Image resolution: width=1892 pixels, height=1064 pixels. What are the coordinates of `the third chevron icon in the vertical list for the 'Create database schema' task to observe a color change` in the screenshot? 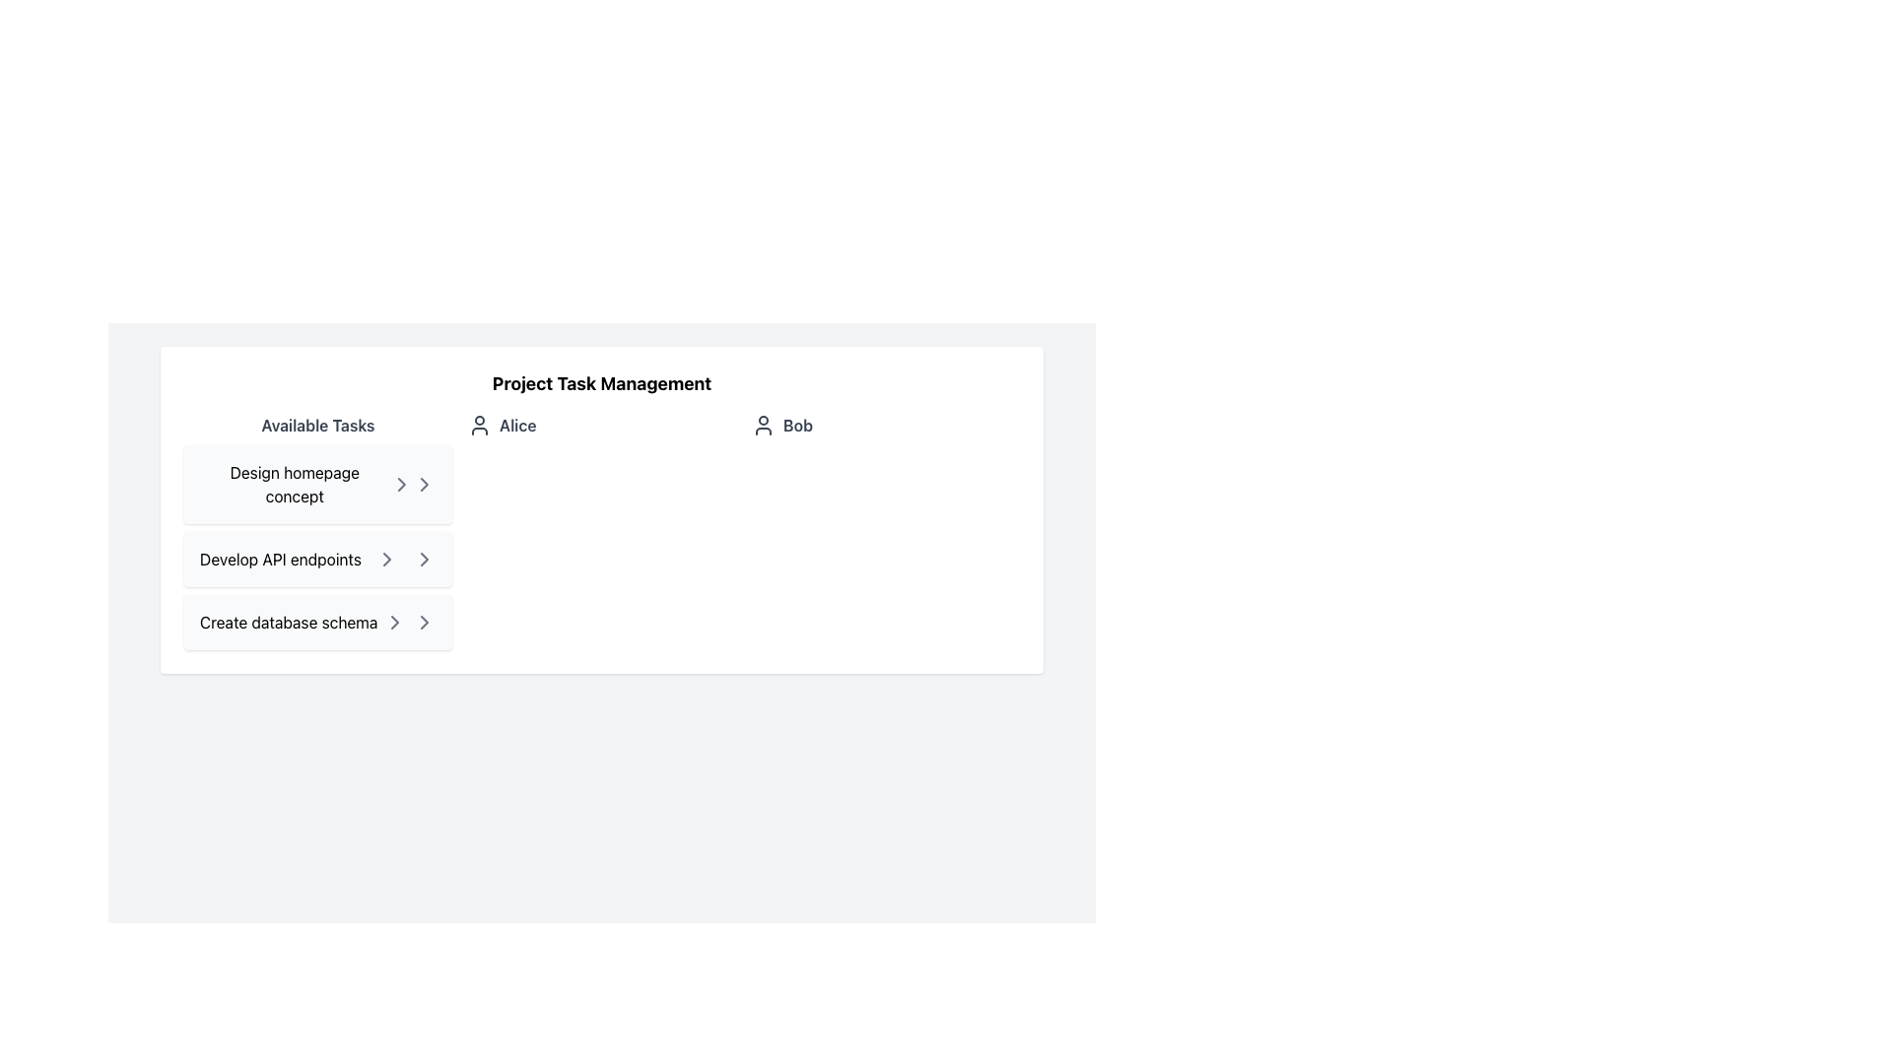 It's located at (424, 623).